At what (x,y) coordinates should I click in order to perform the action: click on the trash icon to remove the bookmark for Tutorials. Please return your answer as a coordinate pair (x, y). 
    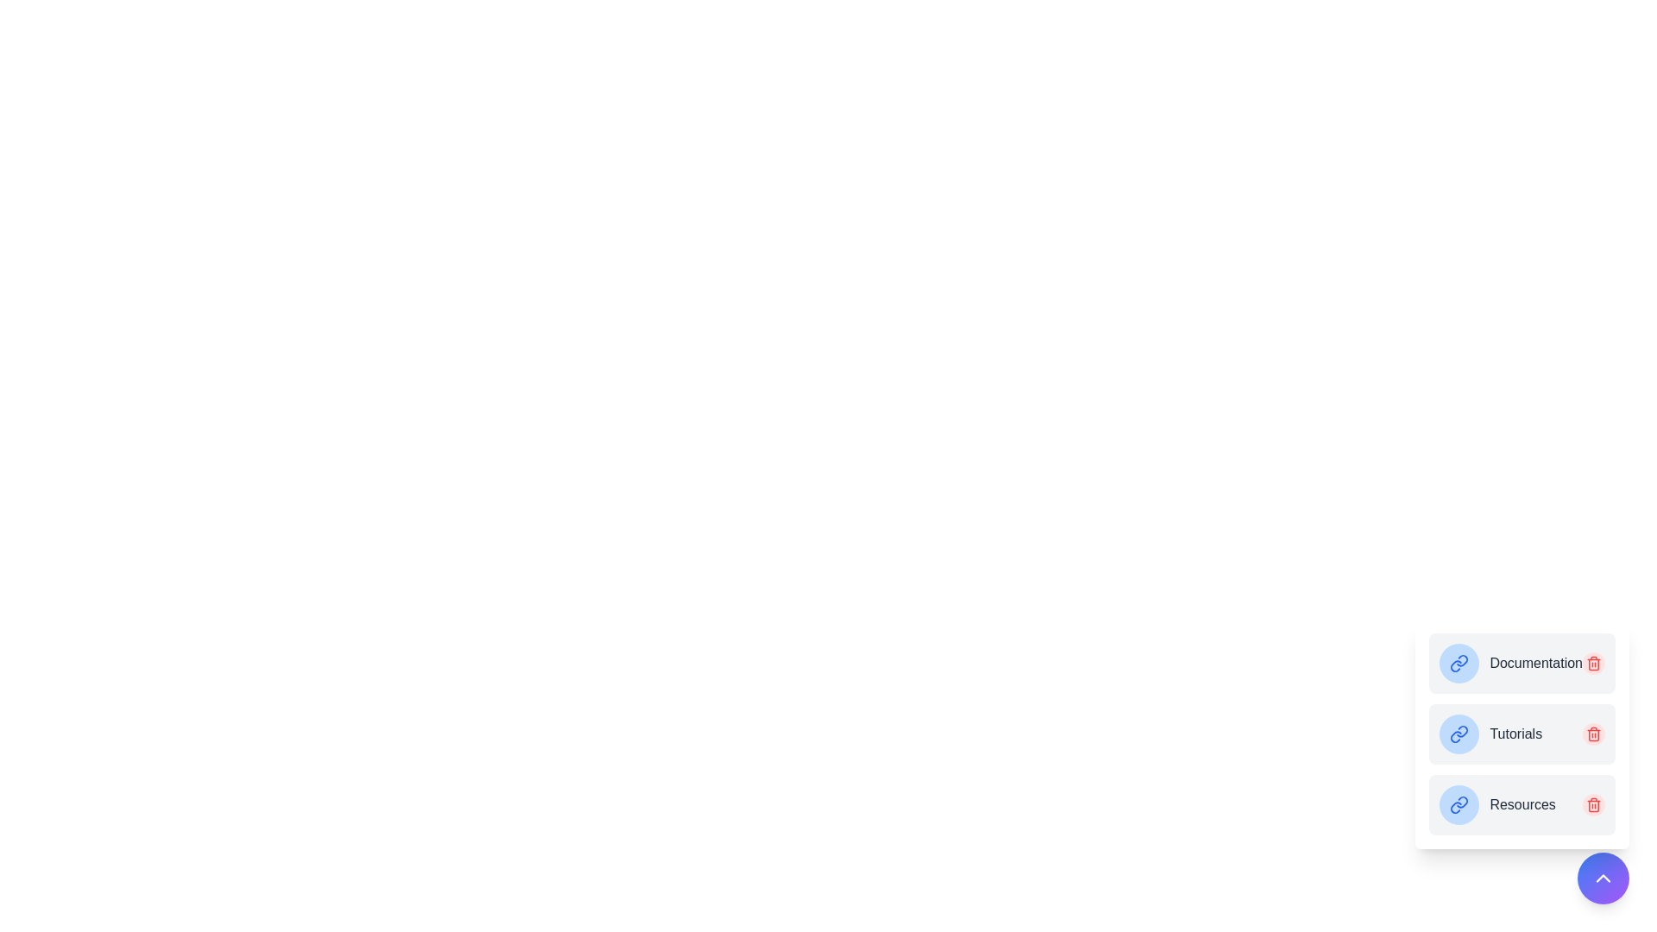
    Looking at the image, I should click on (1593, 734).